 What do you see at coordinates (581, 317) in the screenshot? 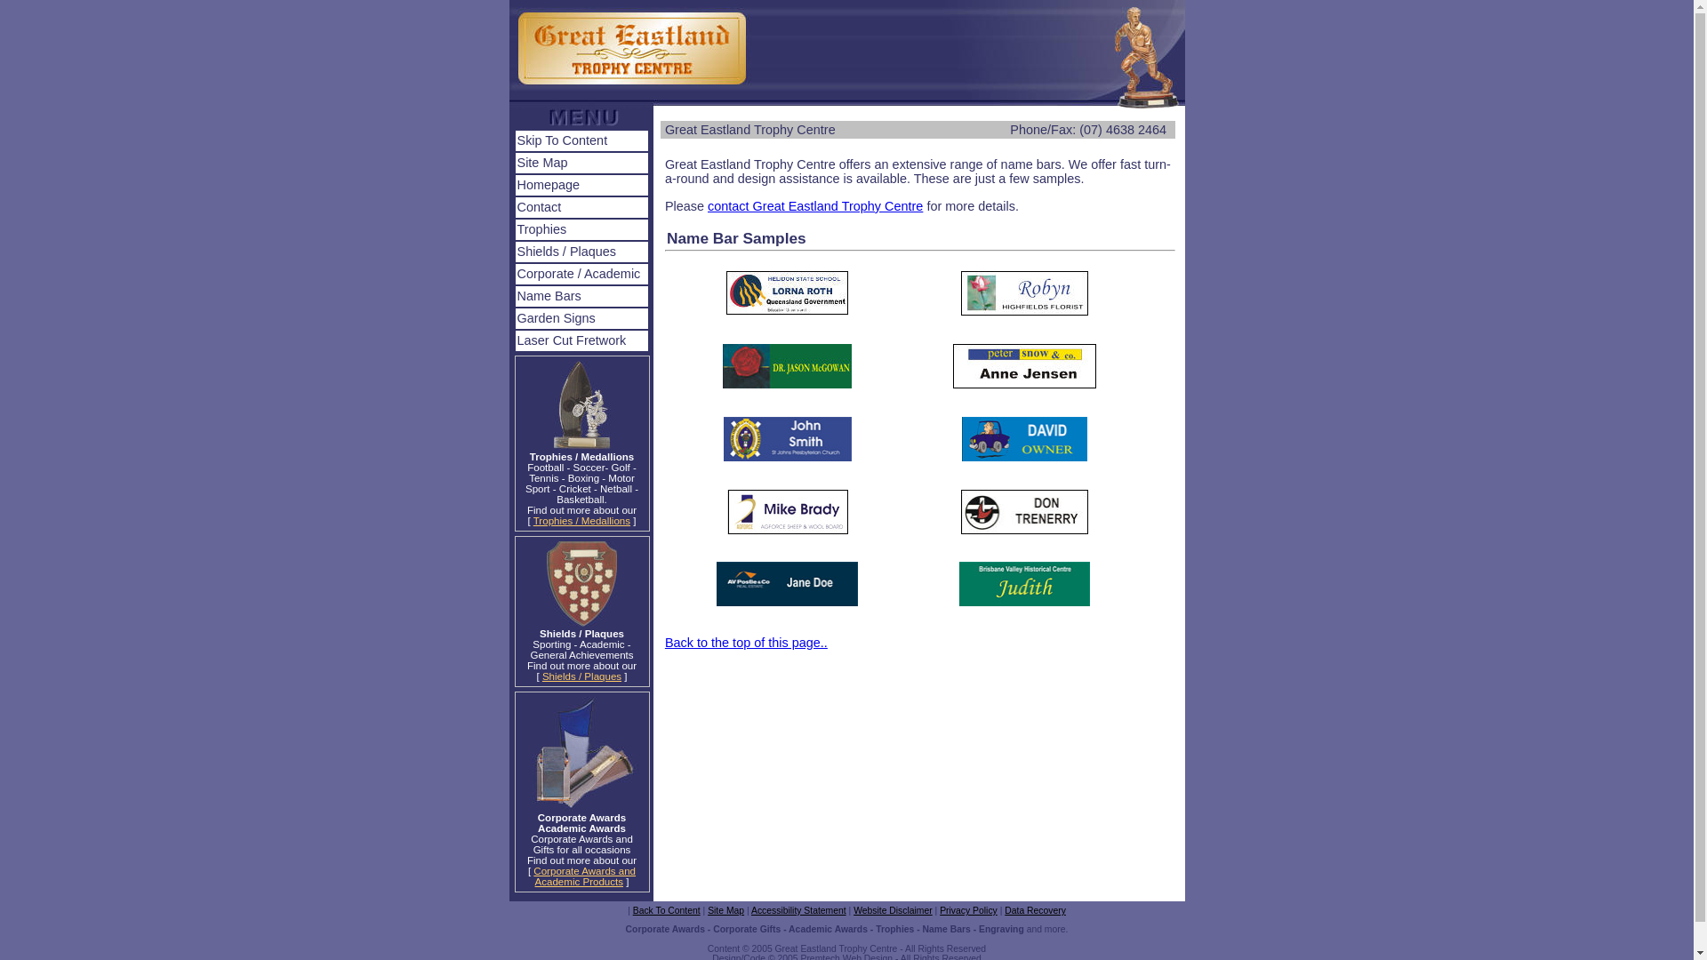
I see `'Garden Signs'` at bounding box center [581, 317].